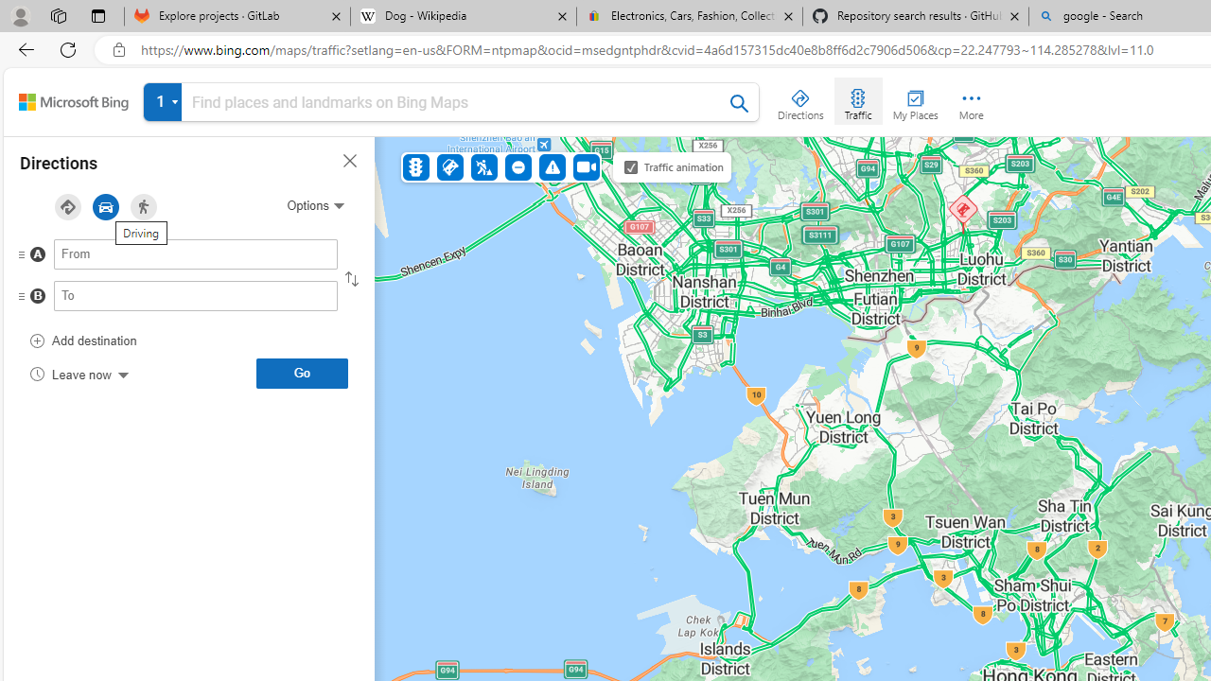  Describe the element at coordinates (105, 207) in the screenshot. I see `'Driving'` at that location.